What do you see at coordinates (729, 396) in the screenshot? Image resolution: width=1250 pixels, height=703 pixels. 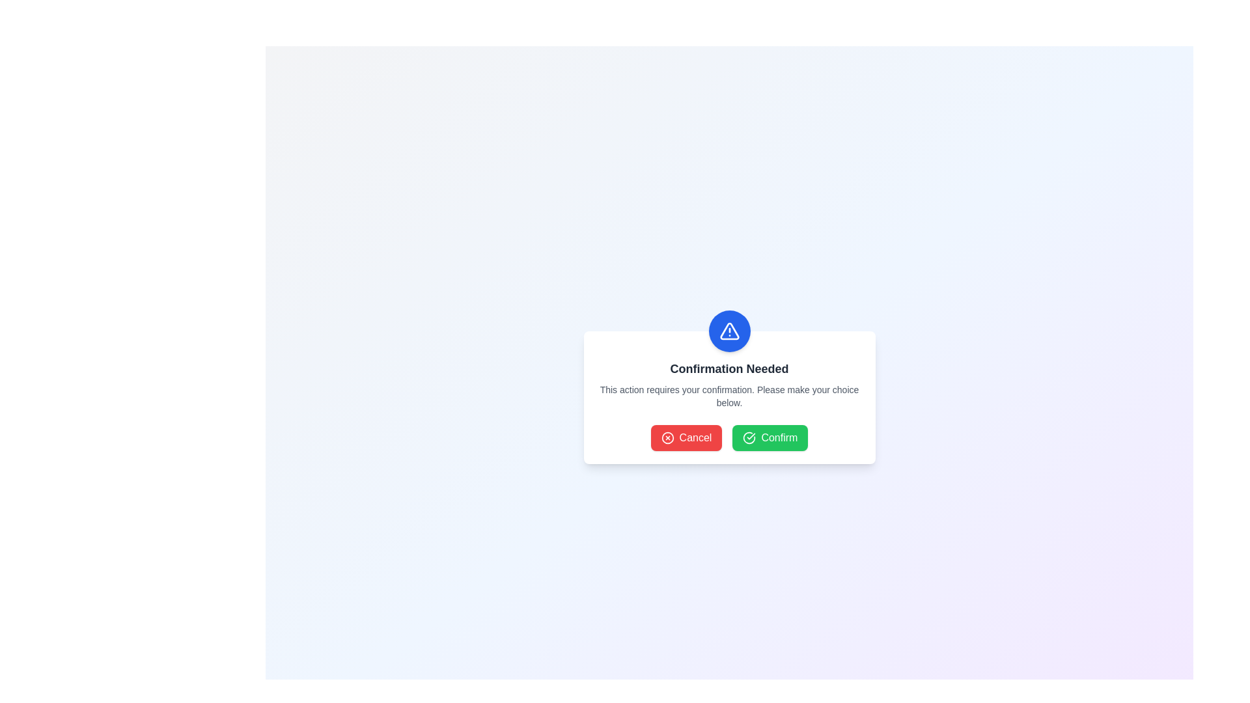 I see `the text block that states 'This action requires your confirmation. Please make your choice below.' which is part of the confirmation dialog box` at bounding box center [729, 396].